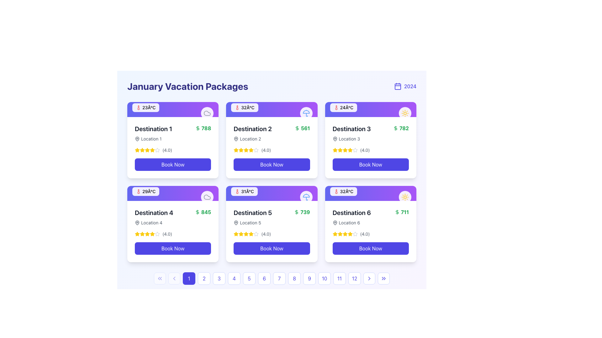 The height and width of the screenshot is (338, 602). I want to click on the vibrant indigo 'Book Now' button located at the bottom of the 'Destination 2' card to initiate booking, so click(272, 164).